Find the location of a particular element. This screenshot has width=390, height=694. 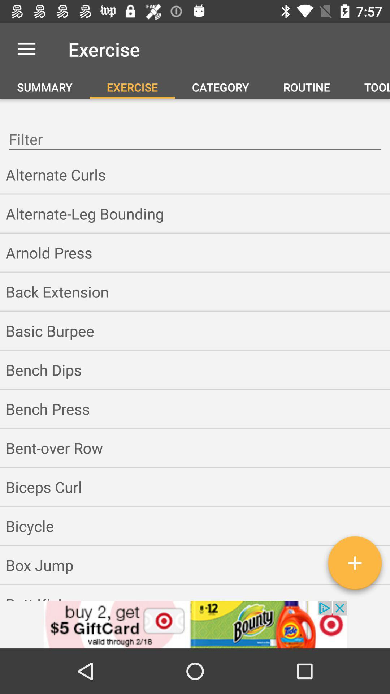

the add icon is located at coordinates (354, 565).